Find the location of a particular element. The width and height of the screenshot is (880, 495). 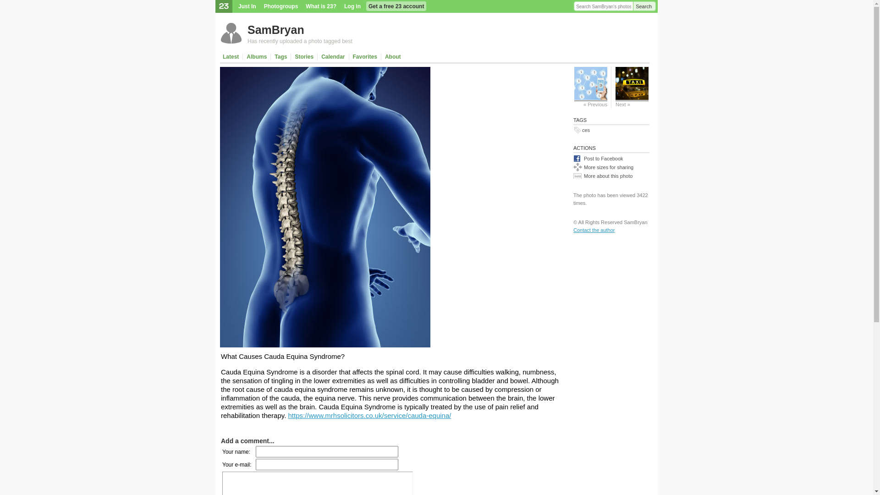

'Tags' is located at coordinates (280, 56).